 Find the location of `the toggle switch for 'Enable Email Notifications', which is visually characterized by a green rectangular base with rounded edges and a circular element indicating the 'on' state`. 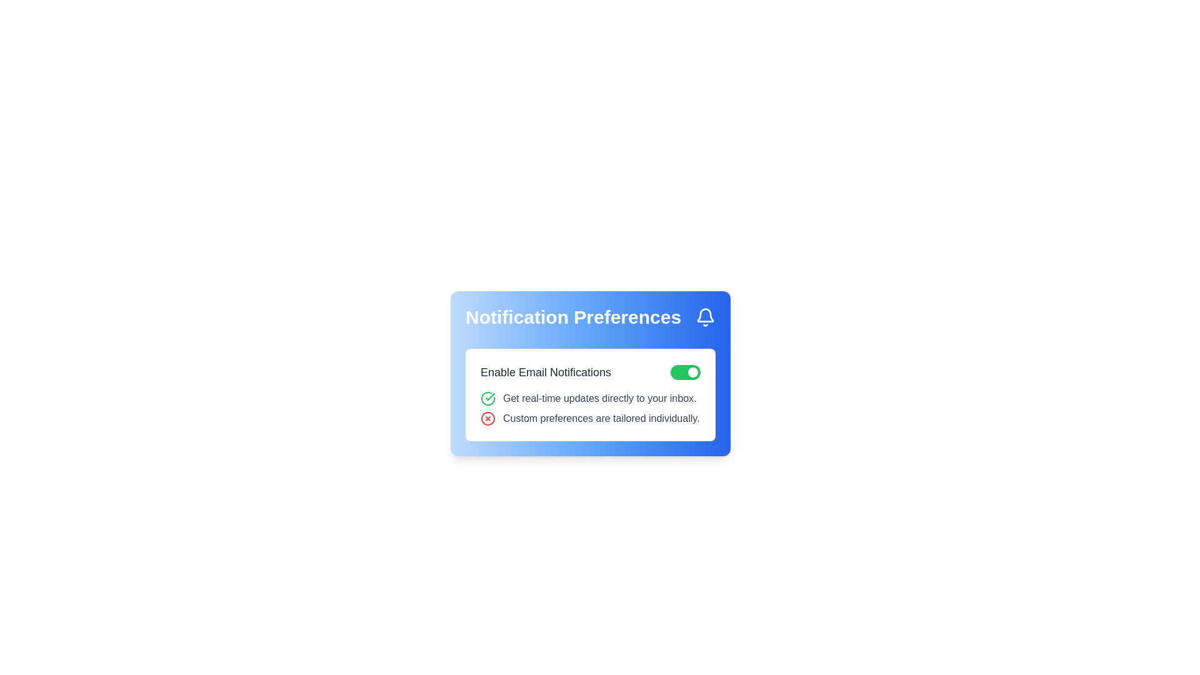

the toggle switch for 'Enable Email Notifications', which is visually characterized by a green rectangular base with rounded edges and a circular element indicating the 'on' state is located at coordinates (685, 372).